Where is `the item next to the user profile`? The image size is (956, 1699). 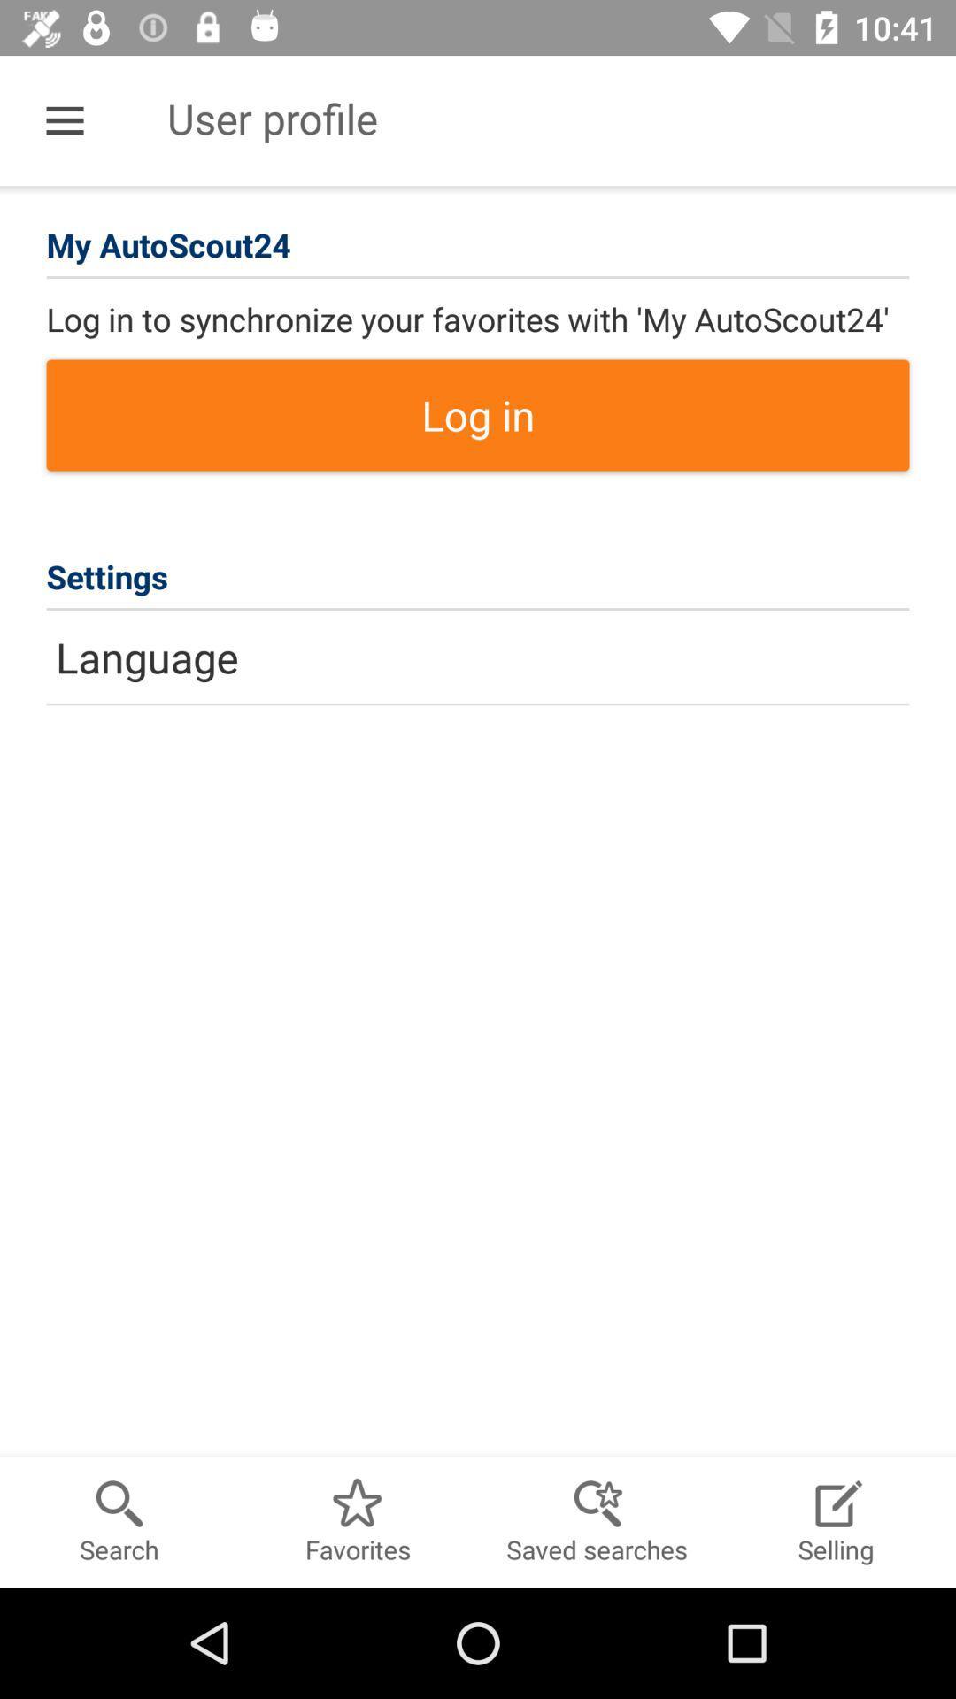
the item next to the user profile is located at coordinates (64, 119).